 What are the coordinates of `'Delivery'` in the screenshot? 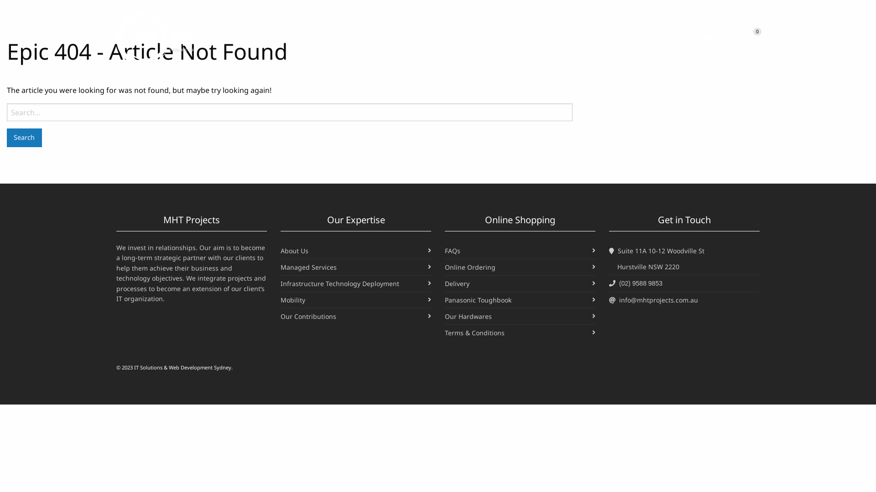 It's located at (457, 283).